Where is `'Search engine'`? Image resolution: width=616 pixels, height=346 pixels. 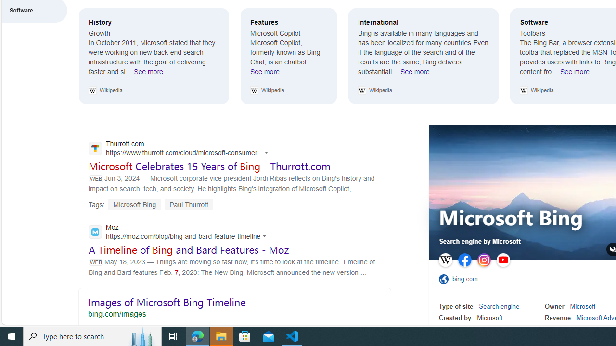
'Search engine' is located at coordinates (499, 306).